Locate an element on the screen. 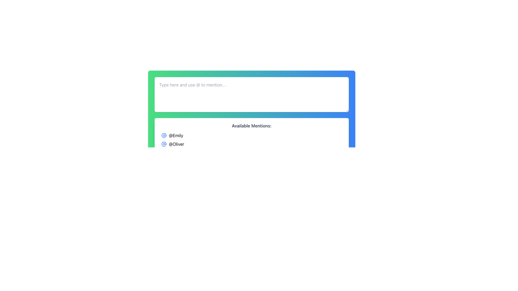  the '@Emily' mention icon located to the left of the text '@Emily' in the mention list below the text input box is located at coordinates (164, 135).